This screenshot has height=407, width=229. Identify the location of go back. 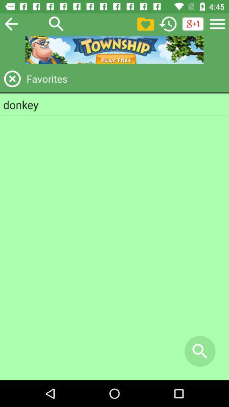
(218, 23).